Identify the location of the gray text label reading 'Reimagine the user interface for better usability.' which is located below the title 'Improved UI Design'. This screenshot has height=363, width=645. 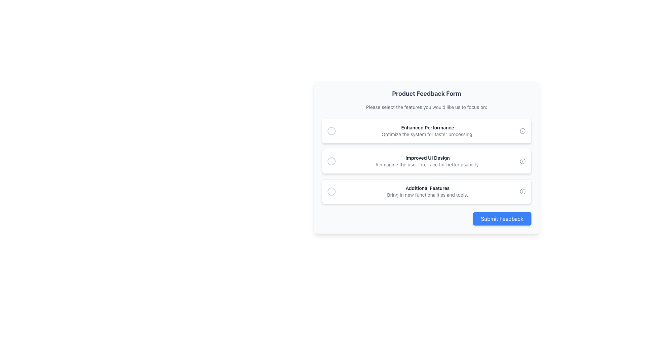
(427, 164).